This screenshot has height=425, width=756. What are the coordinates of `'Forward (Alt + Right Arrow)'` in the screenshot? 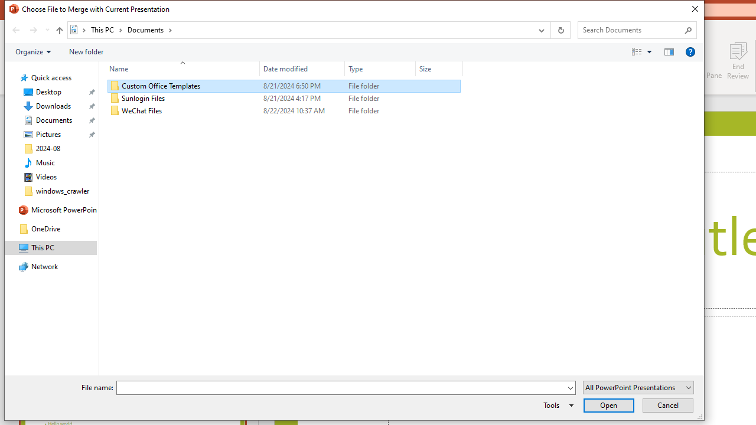 It's located at (33, 30).